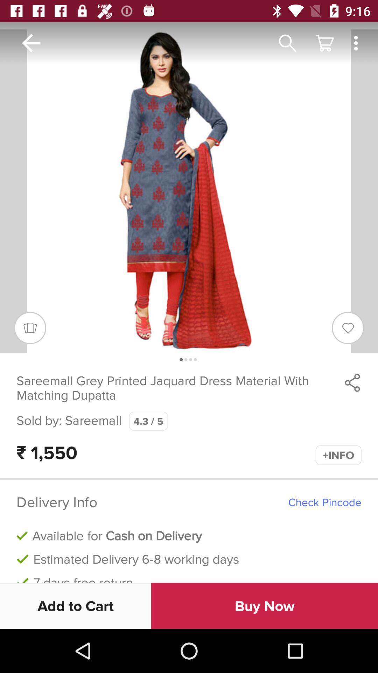  Describe the element at coordinates (352, 382) in the screenshot. I see `the share icon` at that location.